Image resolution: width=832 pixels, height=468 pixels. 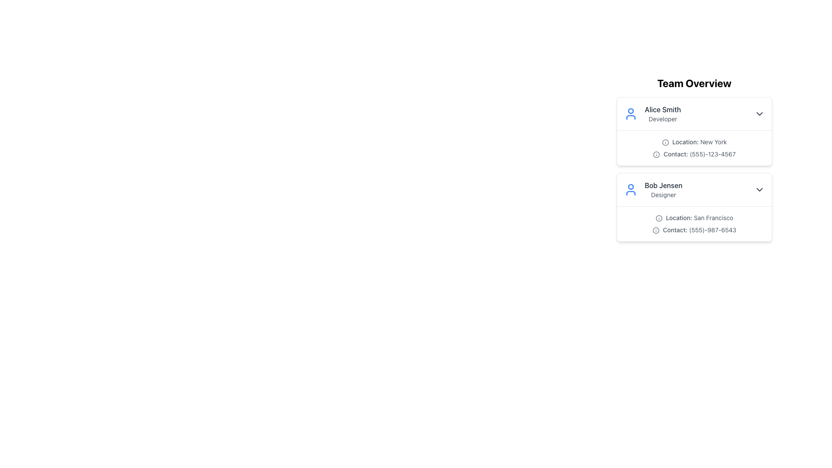 What do you see at coordinates (663, 185) in the screenshot?
I see `text content of the label displaying the name 'Bob Jensen' located at the top of the user information card, which is aligned to the left side near a user avatar icon` at bounding box center [663, 185].